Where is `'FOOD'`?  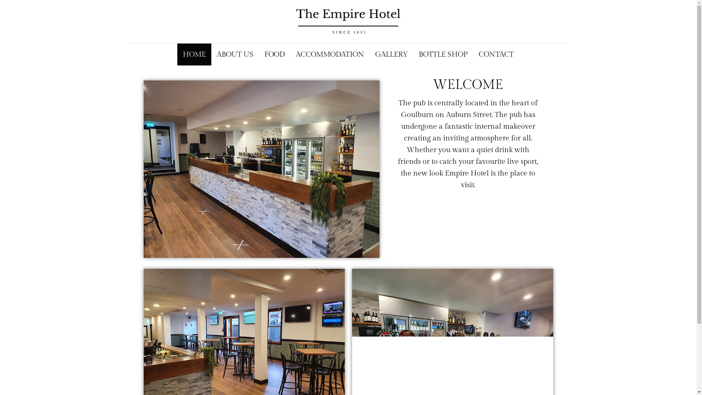
'FOOD' is located at coordinates (274, 54).